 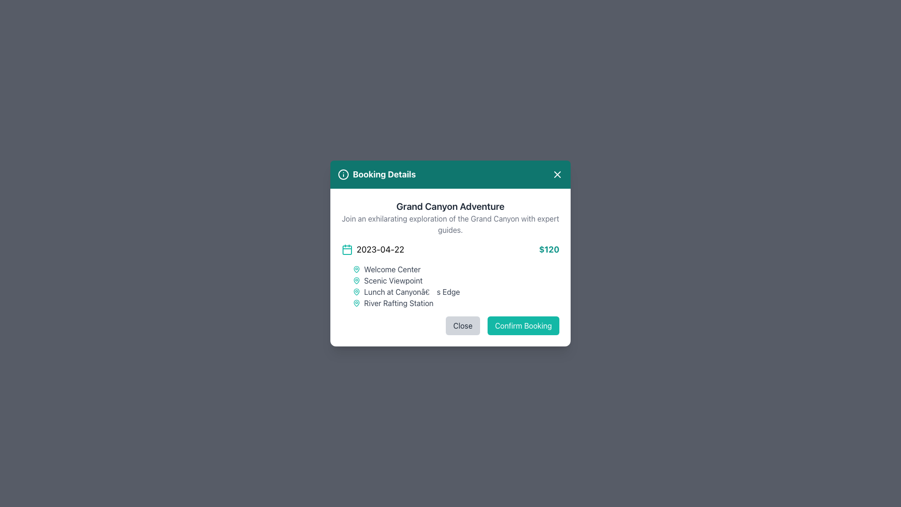 I want to click on date information displayed in the Text with Icon element located near the top-left section of the dialog box under the title 'Grand Canyon Adventure', positioned to the left of the '$120' text, so click(x=372, y=249).